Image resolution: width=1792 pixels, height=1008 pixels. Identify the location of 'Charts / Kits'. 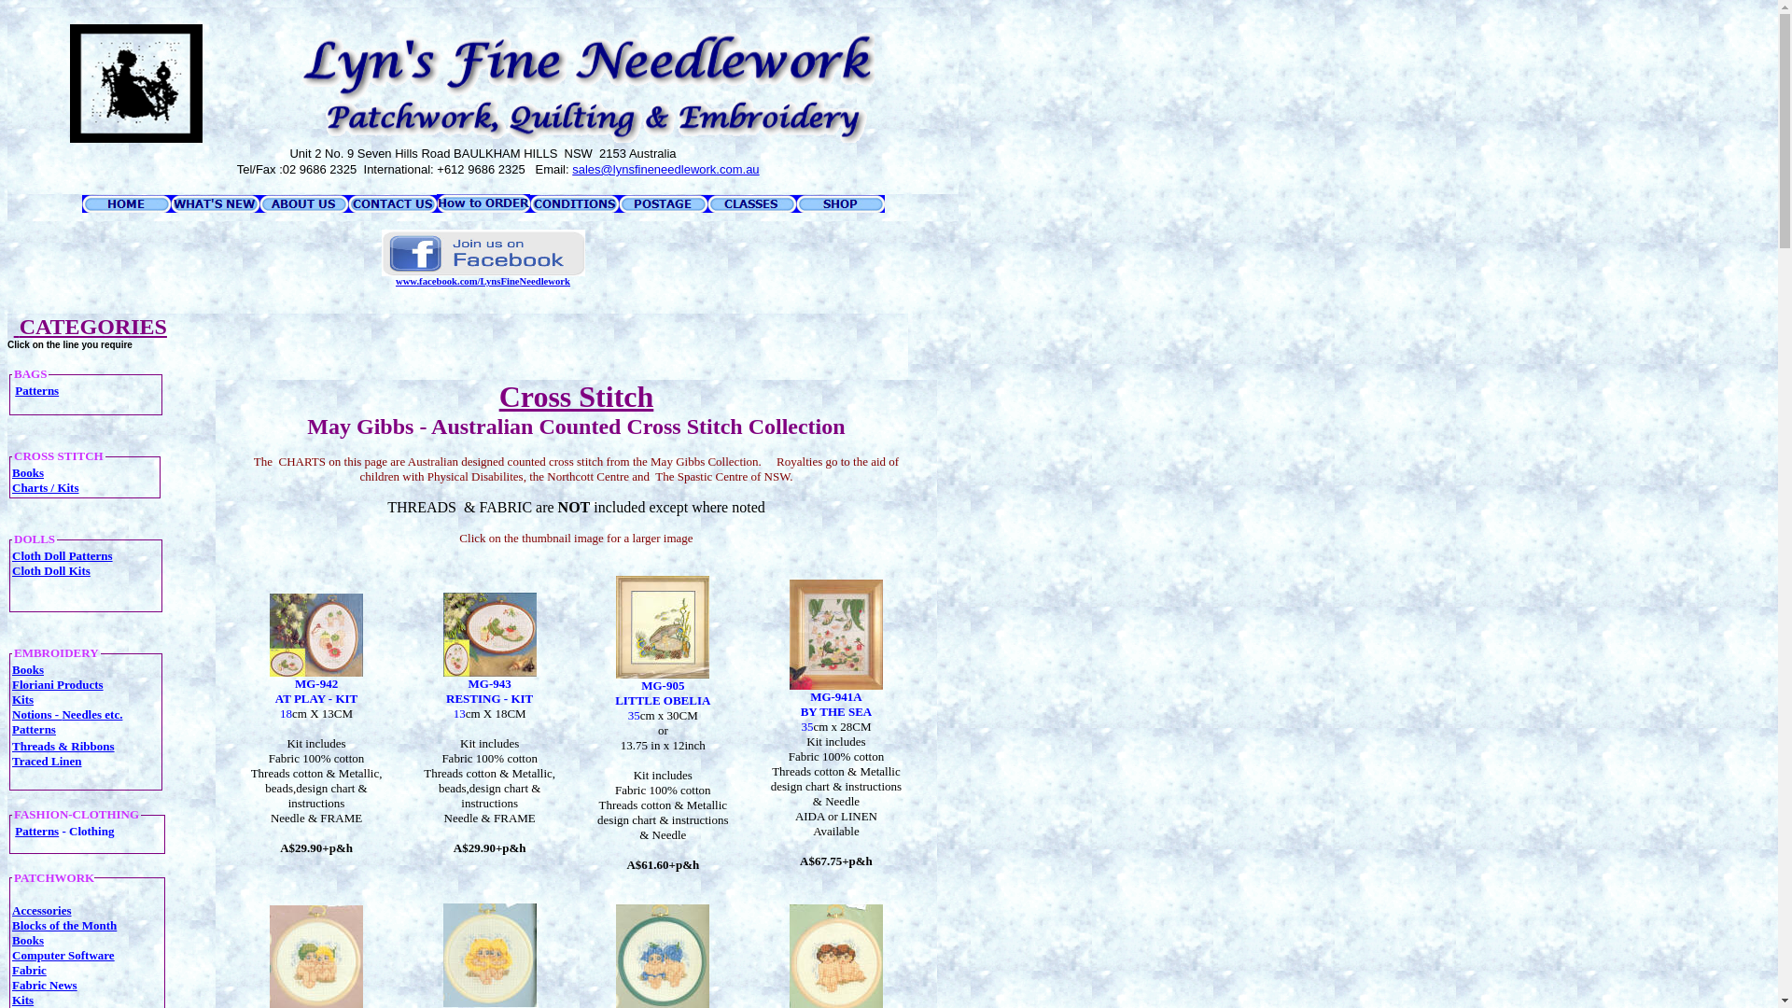
(45, 485).